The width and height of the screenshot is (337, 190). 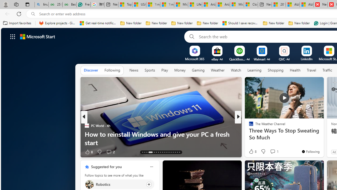 What do you see at coordinates (276, 152) in the screenshot?
I see `'View comments 36 Comment'` at bounding box center [276, 152].